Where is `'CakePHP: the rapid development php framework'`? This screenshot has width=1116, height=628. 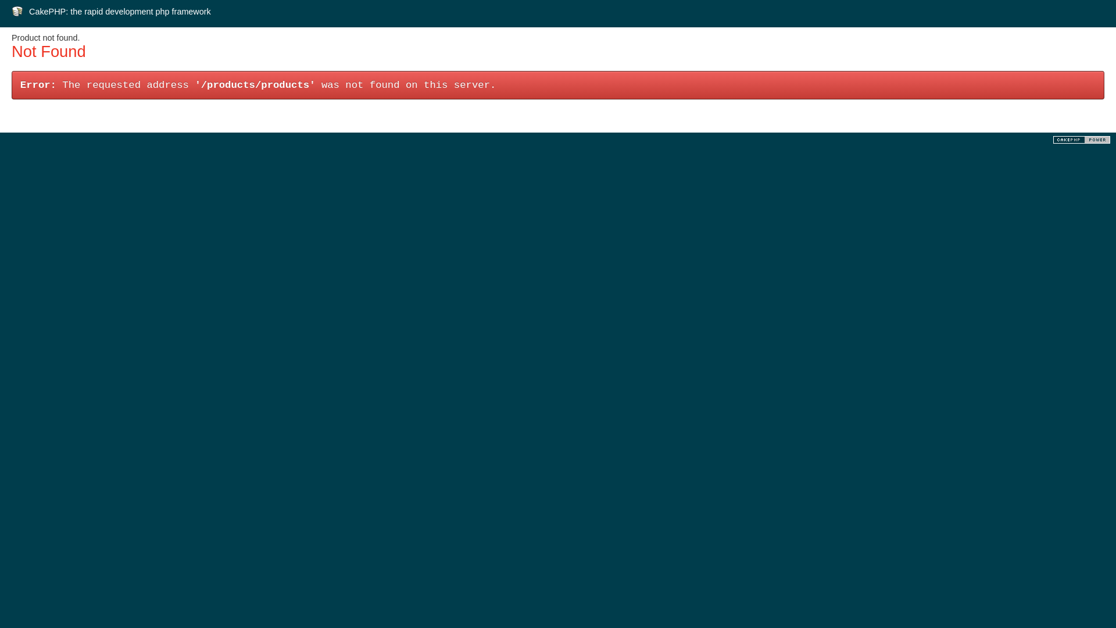
'CakePHP: the rapid development php framework' is located at coordinates (120, 11).